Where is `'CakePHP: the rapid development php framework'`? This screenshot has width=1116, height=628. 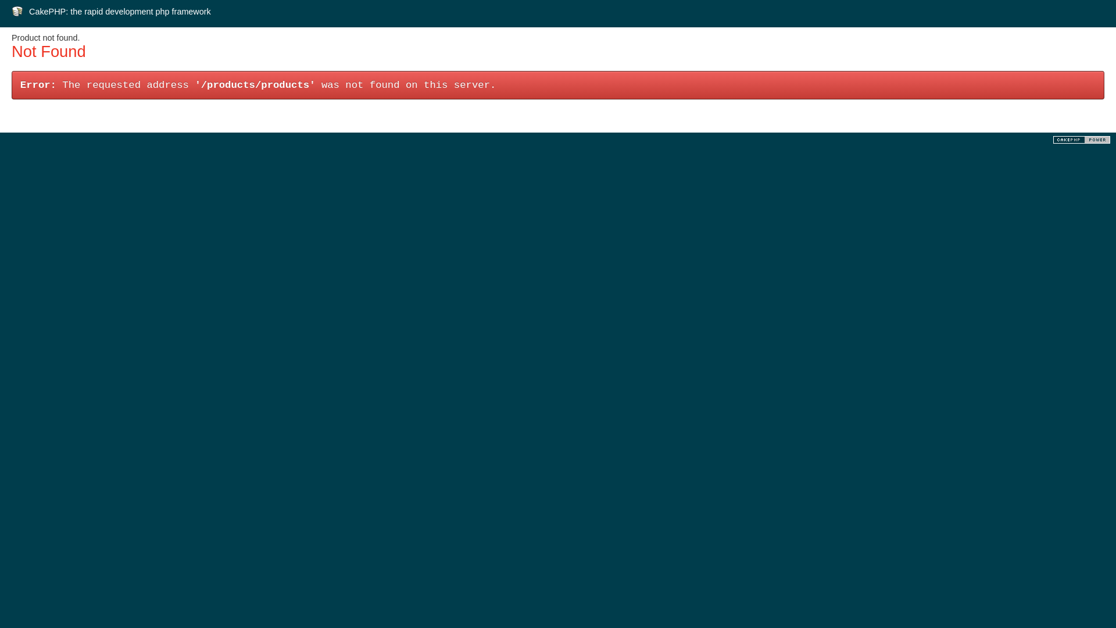
'CakePHP: the rapid development php framework' is located at coordinates (120, 11).